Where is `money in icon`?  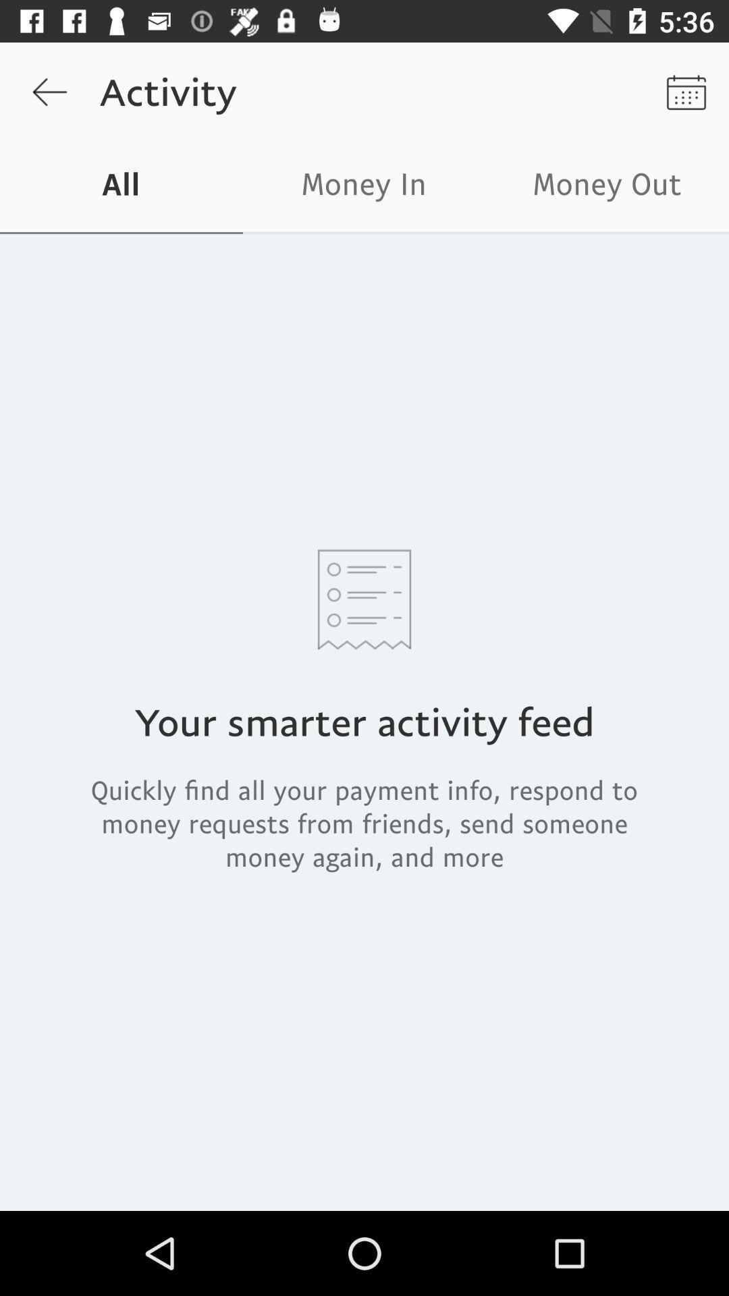 money in icon is located at coordinates (364, 187).